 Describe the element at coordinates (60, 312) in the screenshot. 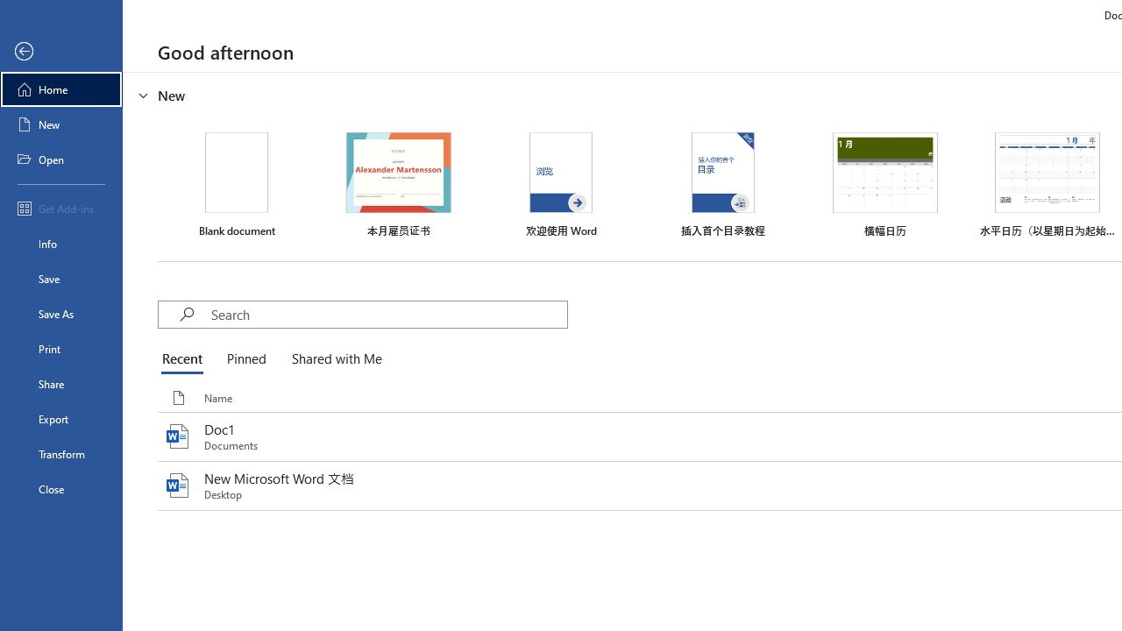

I see `'Save As'` at that location.